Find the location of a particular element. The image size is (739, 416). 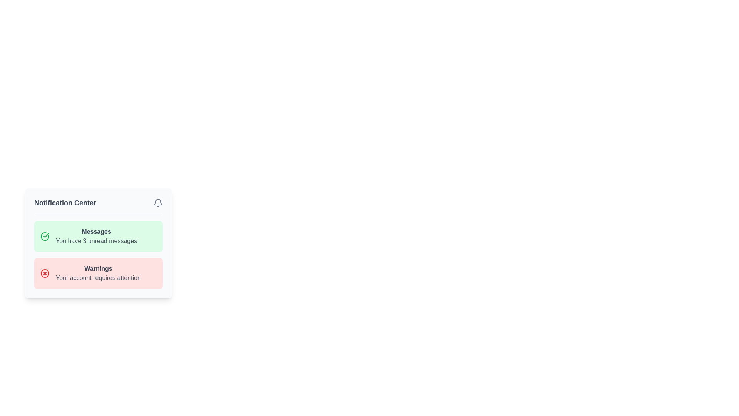

the positive status indicator icon located beside the 'Messages - You have 3 unread messages' text is located at coordinates (44, 236).